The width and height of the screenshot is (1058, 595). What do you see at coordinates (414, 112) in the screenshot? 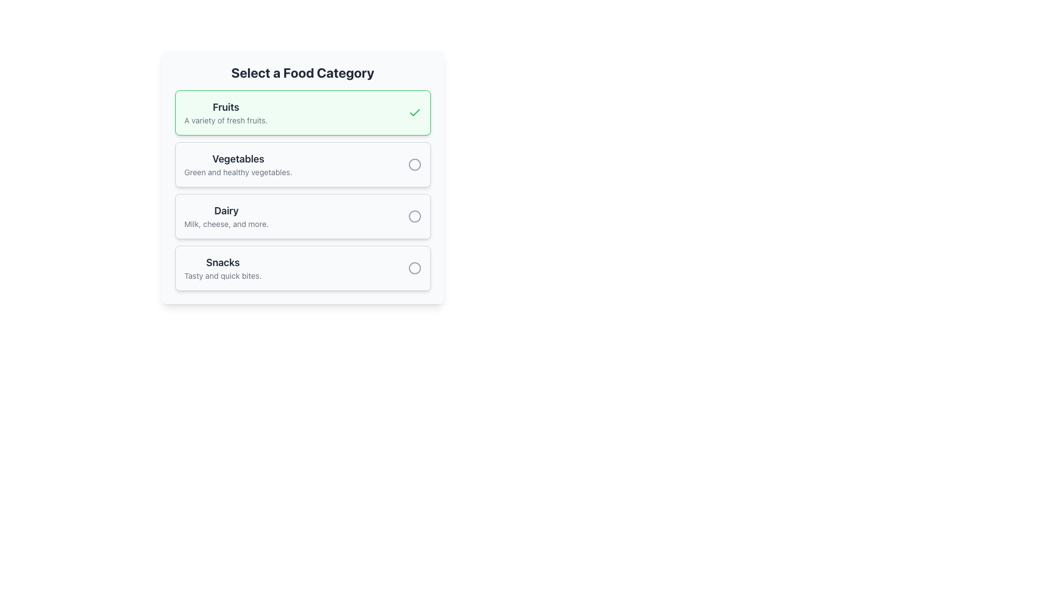
I see `the visual state of the check mark icon indicating that the 'Fruits' option is currently selected from the list of food categories` at bounding box center [414, 112].